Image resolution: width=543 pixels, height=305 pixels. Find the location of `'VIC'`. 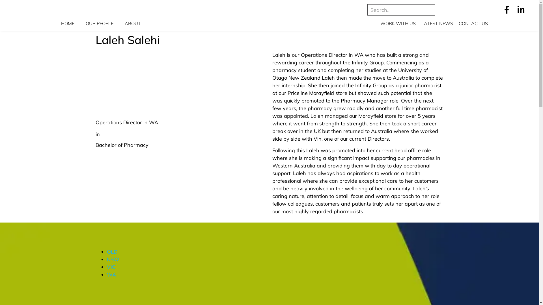

'VIC' is located at coordinates (111, 267).